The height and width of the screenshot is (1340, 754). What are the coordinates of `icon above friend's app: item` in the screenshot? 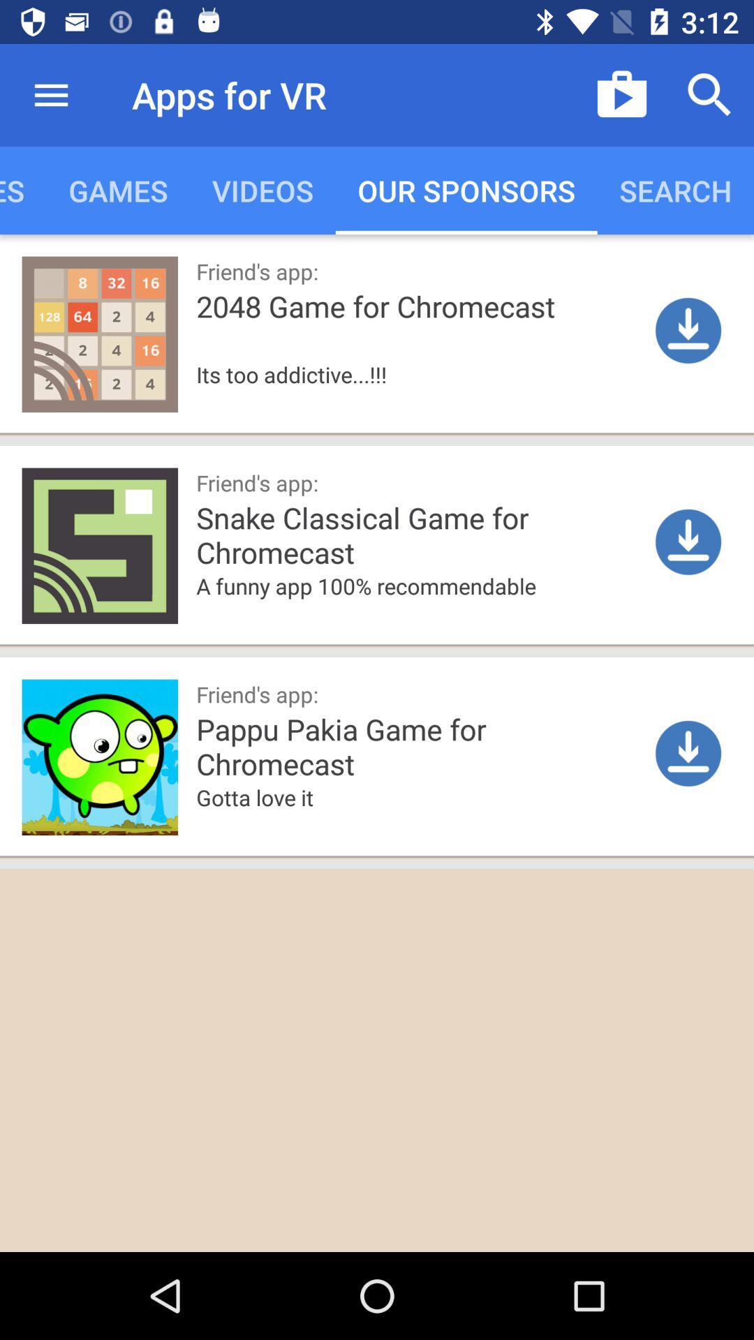 It's located at (420, 607).